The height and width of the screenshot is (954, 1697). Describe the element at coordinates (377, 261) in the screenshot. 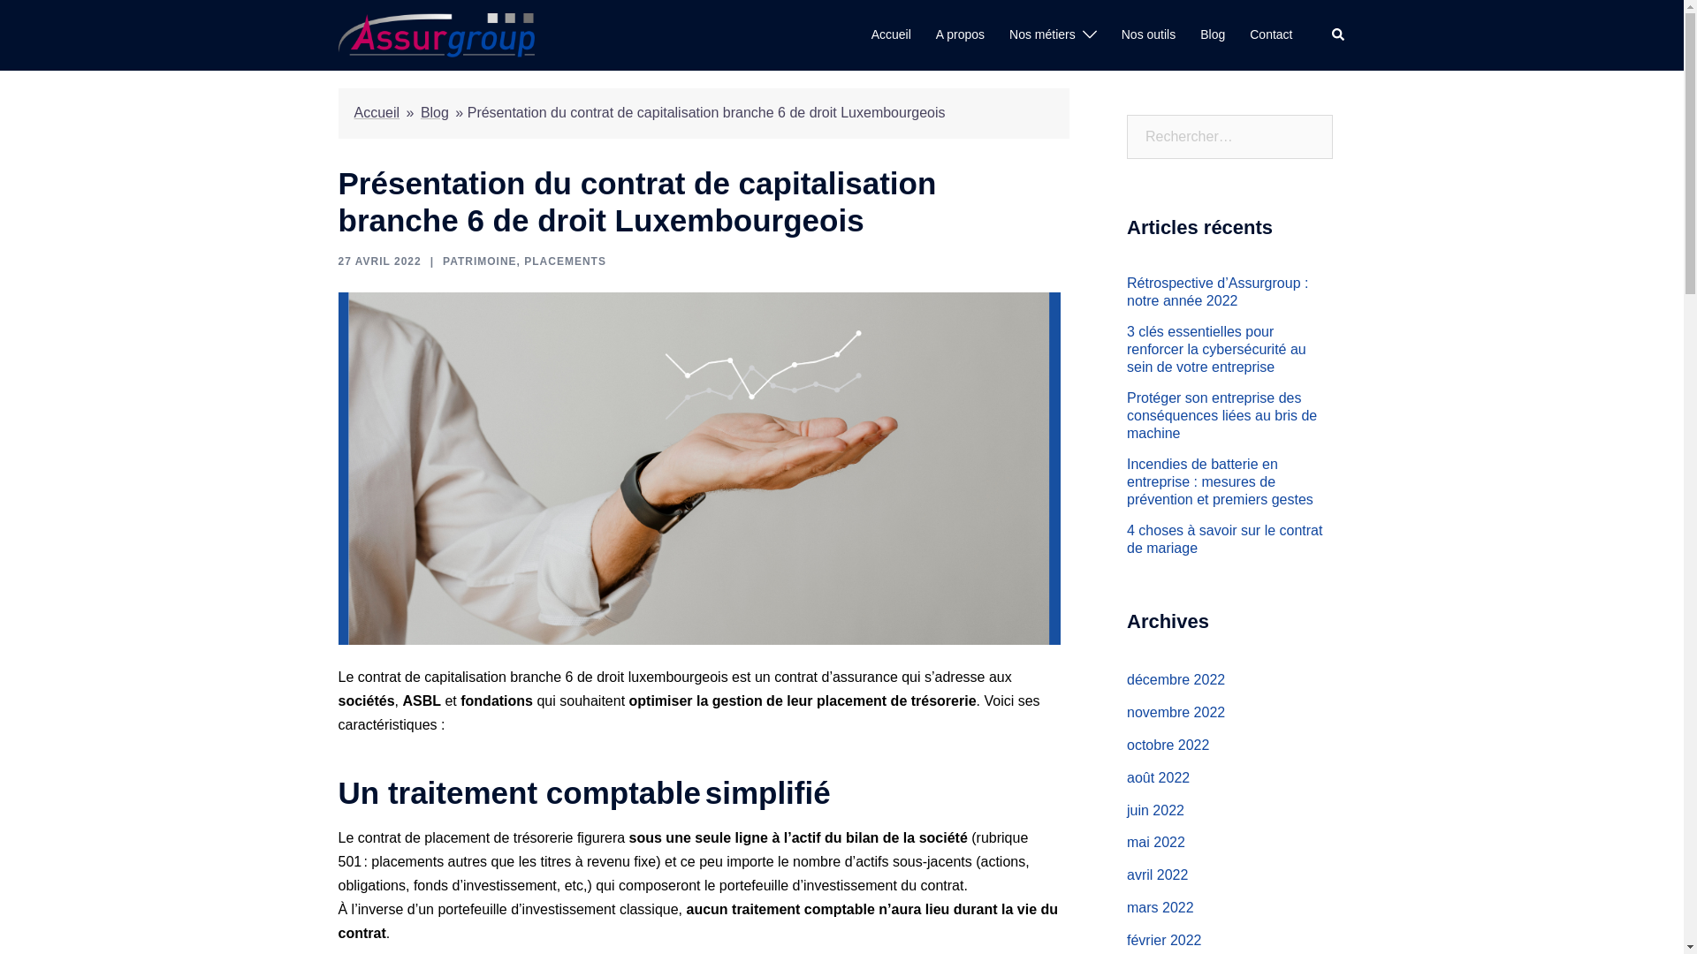

I see `'27 AVRIL 2022'` at that location.